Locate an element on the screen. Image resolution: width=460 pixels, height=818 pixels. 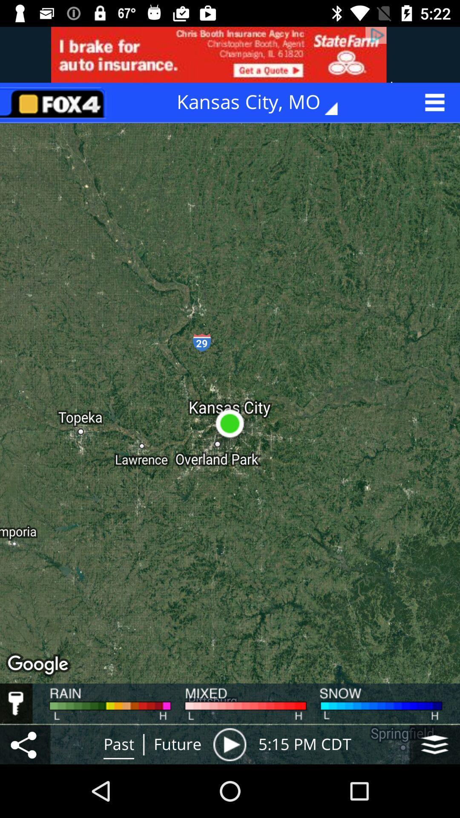
past weather is located at coordinates (229, 744).